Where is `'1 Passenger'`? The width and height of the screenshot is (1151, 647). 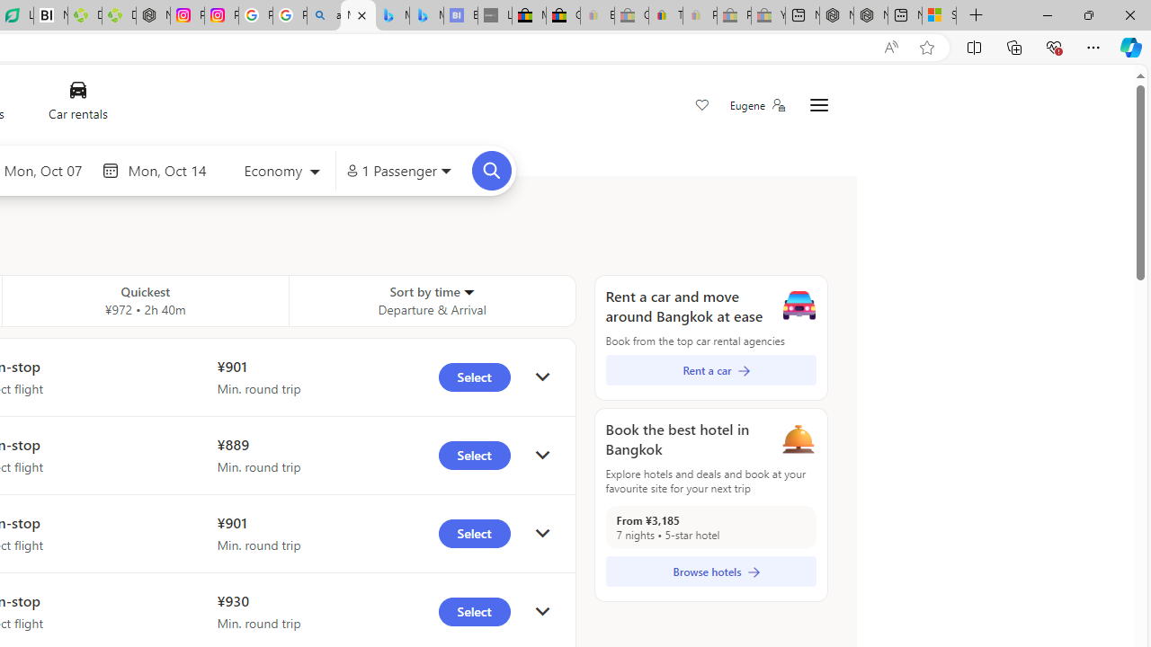
'1 Passenger' is located at coordinates (397, 171).